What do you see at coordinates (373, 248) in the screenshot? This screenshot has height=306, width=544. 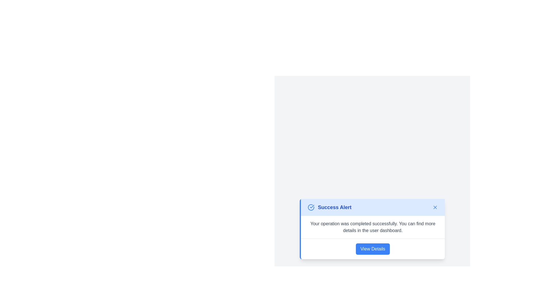 I see `the button located centrally at the bottom of the panel, directly below the success message text` at bounding box center [373, 248].